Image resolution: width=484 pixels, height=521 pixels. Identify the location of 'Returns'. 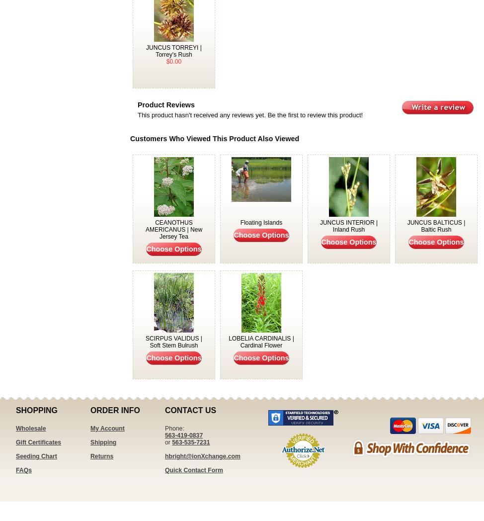
(102, 456).